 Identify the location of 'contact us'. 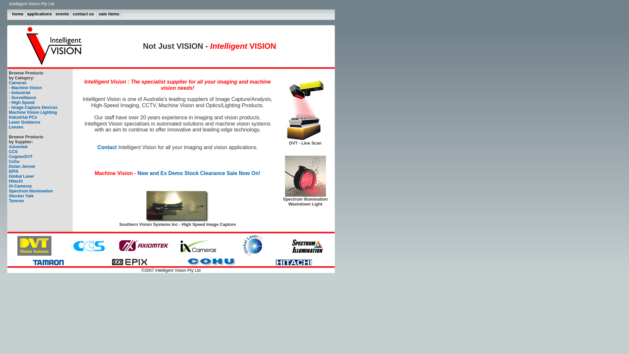
(84, 14).